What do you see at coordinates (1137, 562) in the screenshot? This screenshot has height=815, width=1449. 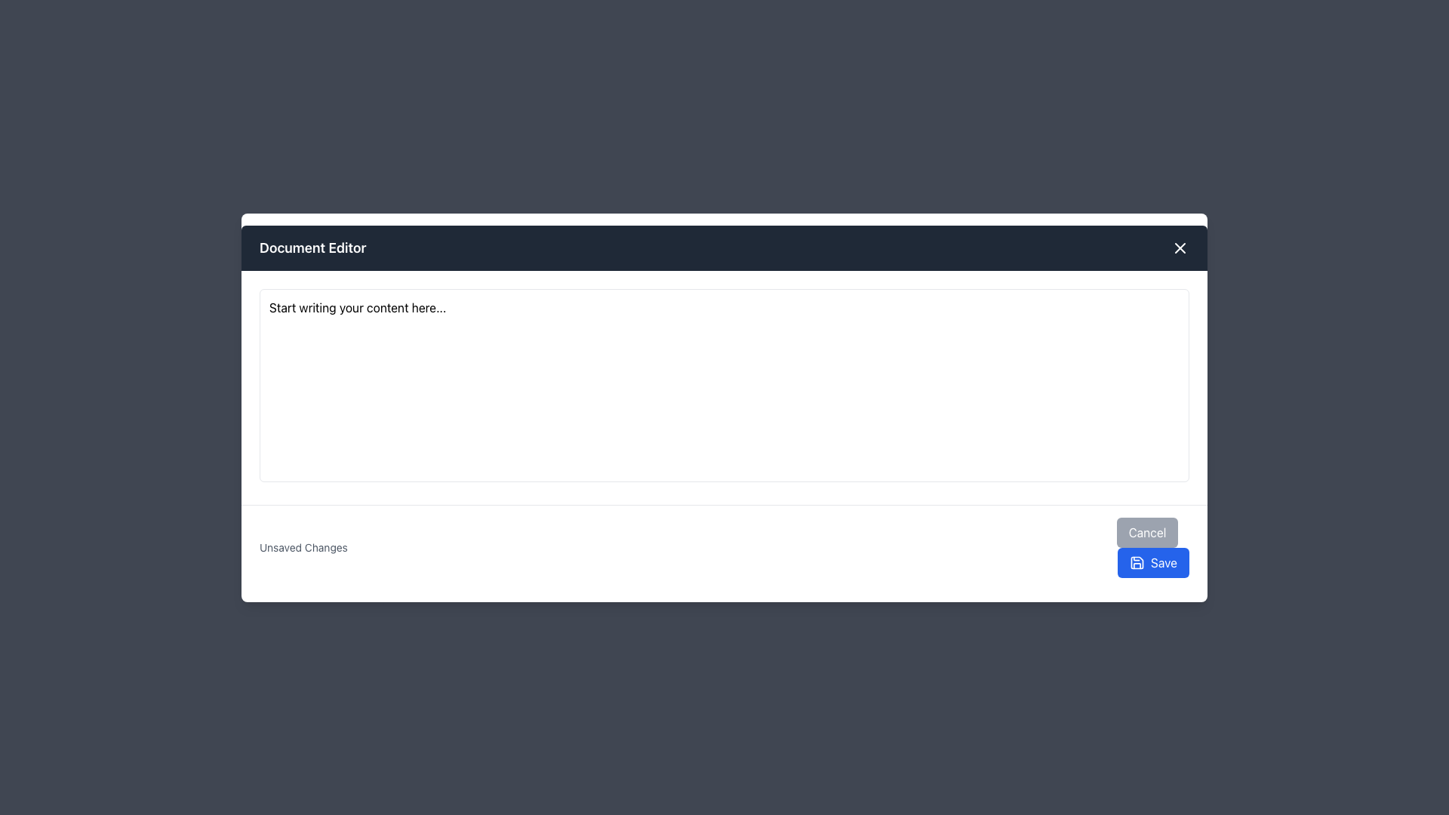 I see `the Graphics icon, which resembles a floppy disk and is part of the Save button located in the bottom-right of a modal dialog` at bounding box center [1137, 562].